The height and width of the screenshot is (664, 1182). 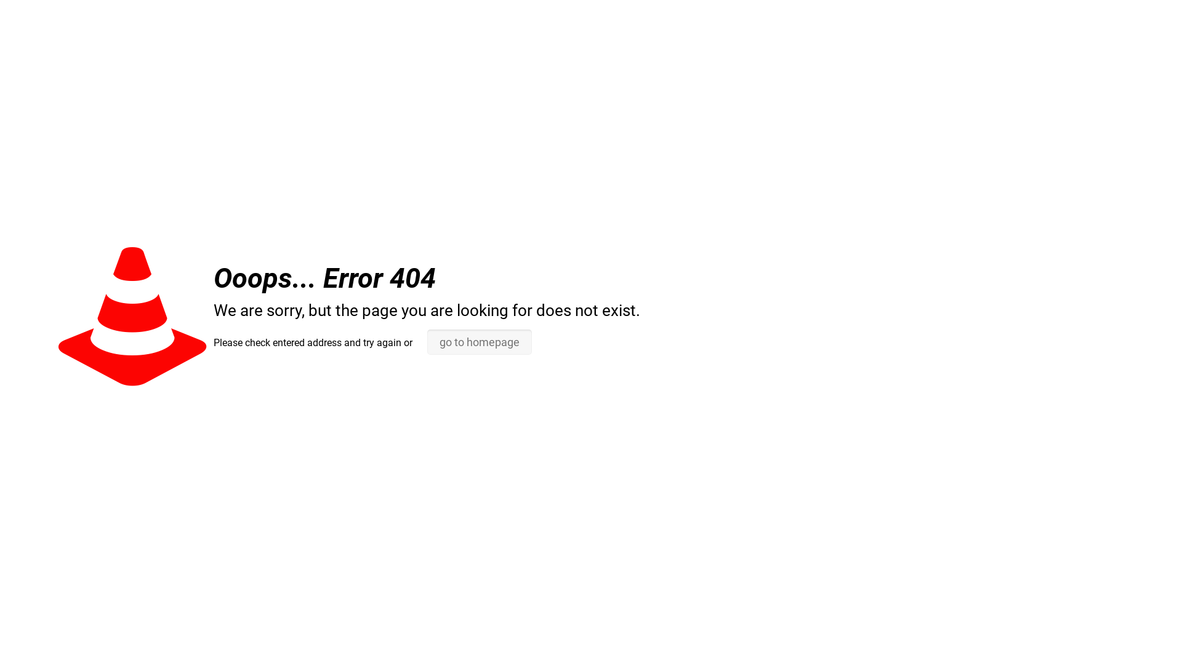 What do you see at coordinates (427, 342) in the screenshot?
I see `'go to homepage'` at bounding box center [427, 342].